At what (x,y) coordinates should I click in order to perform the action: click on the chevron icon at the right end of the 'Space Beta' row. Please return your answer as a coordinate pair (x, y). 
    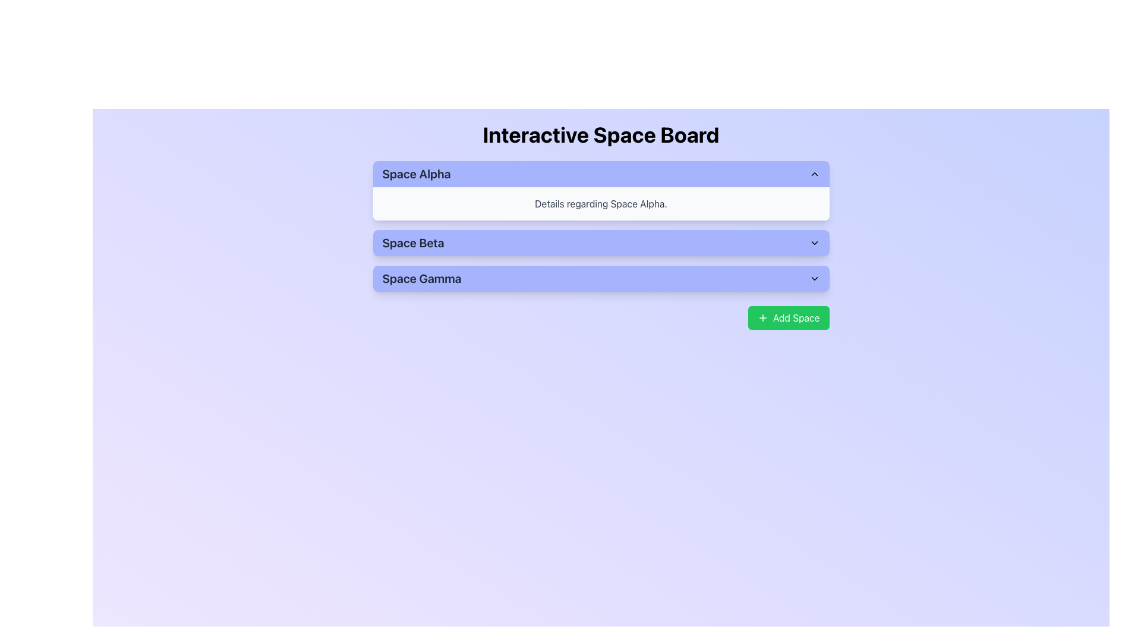
    Looking at the image, I should click on (814, 242).